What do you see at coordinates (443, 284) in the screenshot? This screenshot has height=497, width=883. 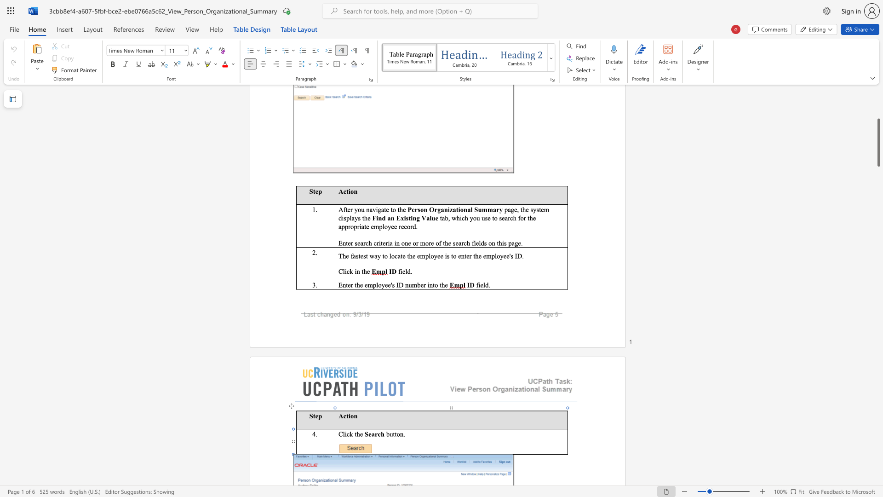 I see `the 2th character "h" in the text` at bounding box center [443, 284].